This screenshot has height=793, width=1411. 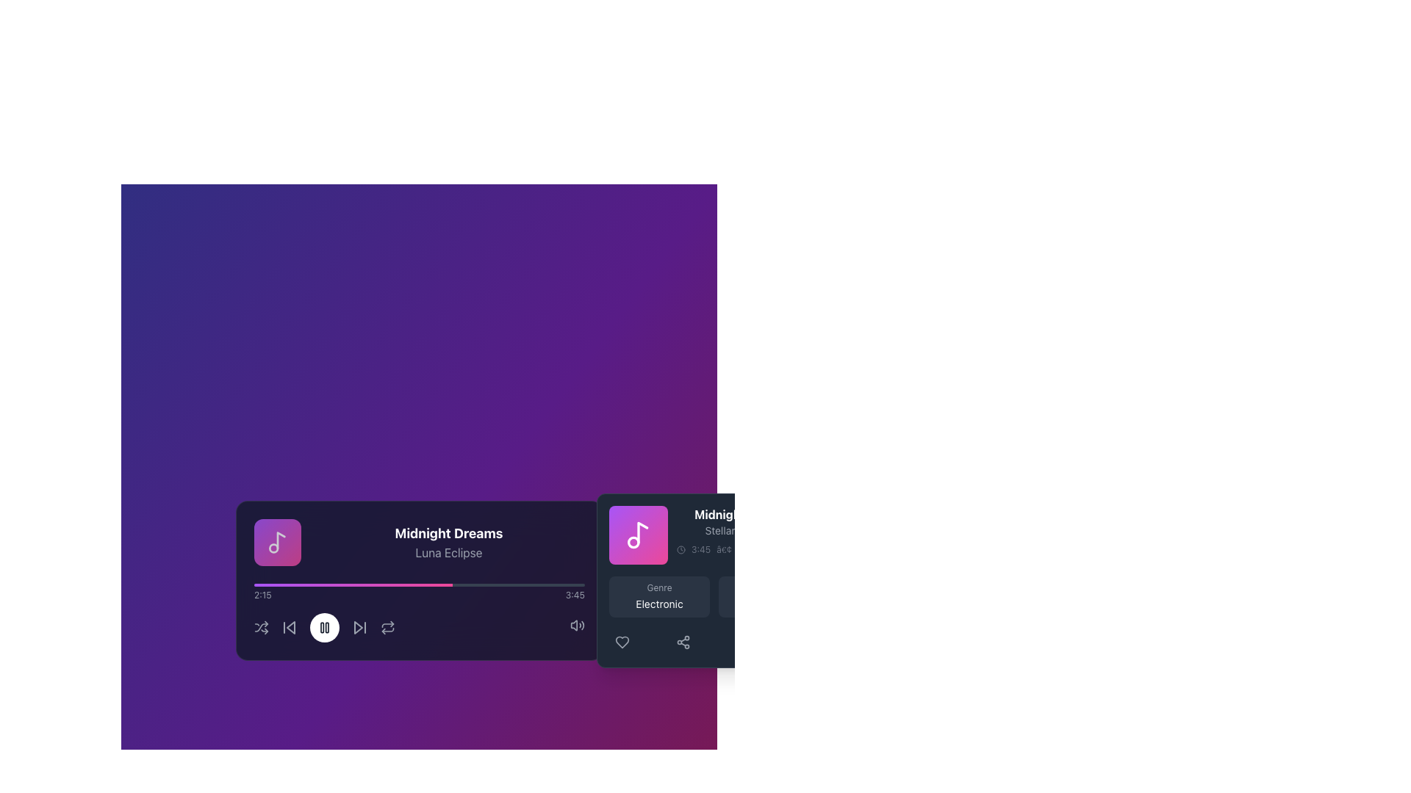 I want to click on current playback time displayed as '2:15' from the light gray text label located near the bottom left corner of the music player interface, so click(x=262, y=595).